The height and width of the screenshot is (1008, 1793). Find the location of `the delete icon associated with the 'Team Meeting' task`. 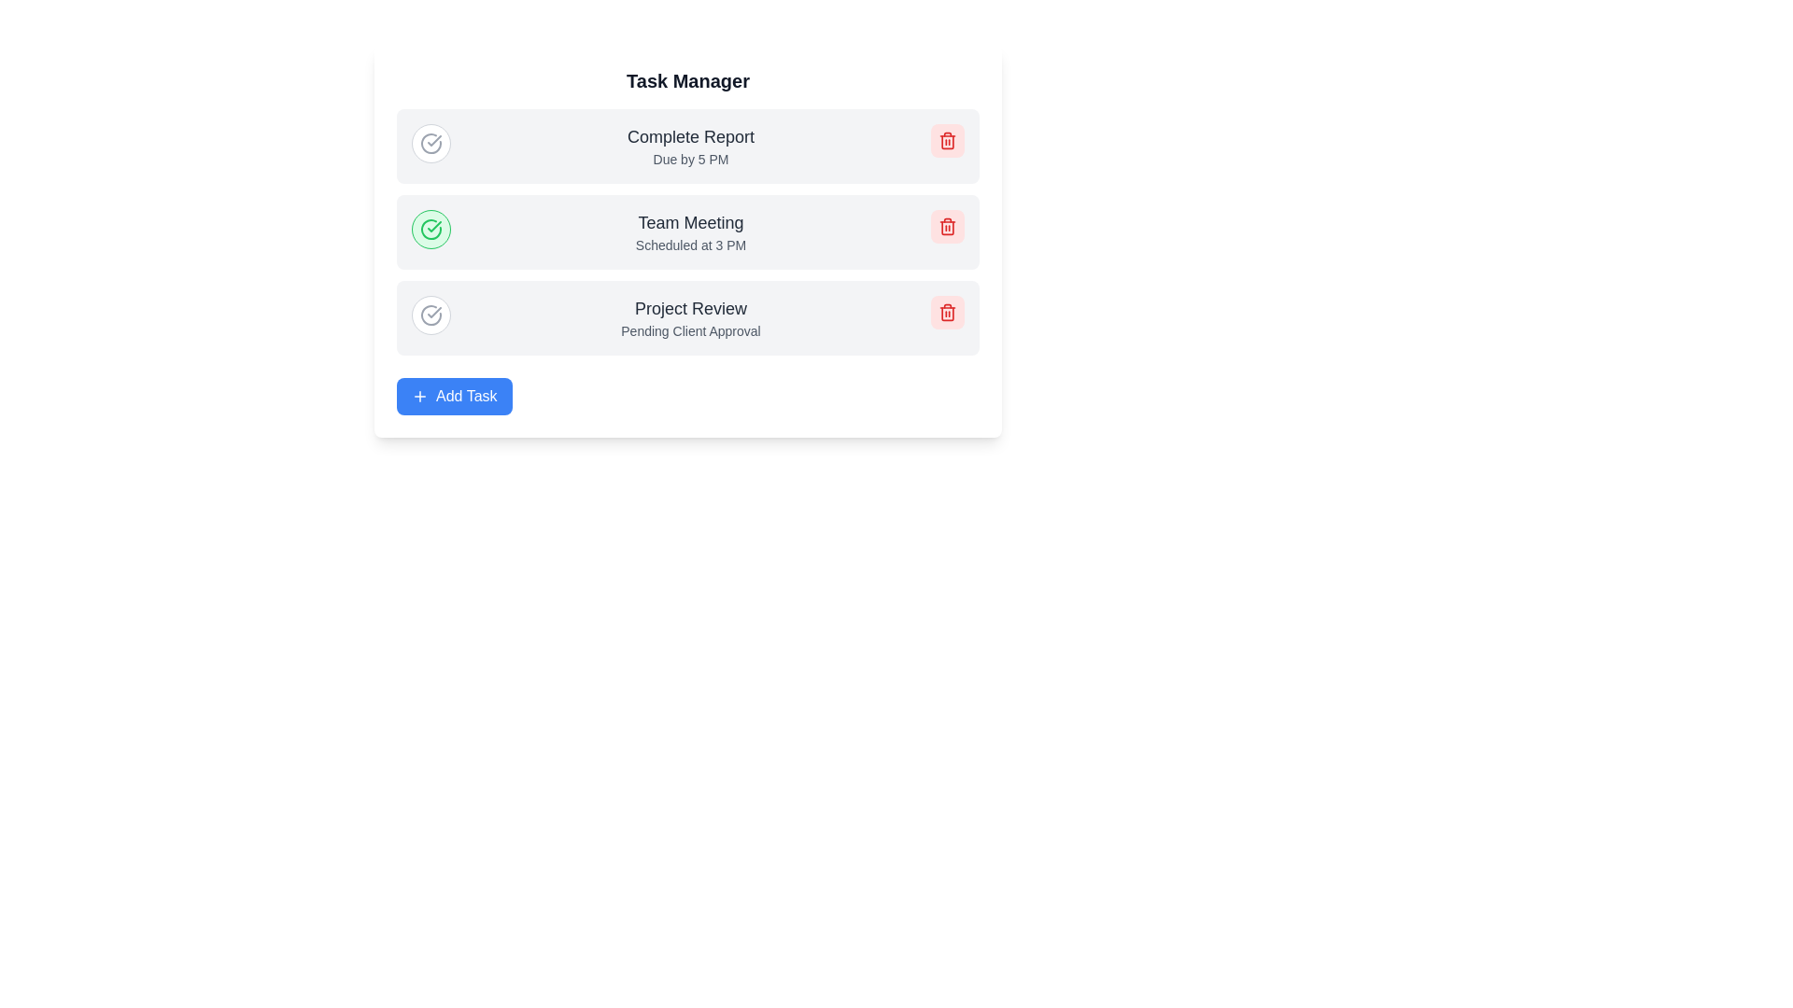

the delete icon associated with the 'Team Meeting' task is located at coordinates (947, 226).